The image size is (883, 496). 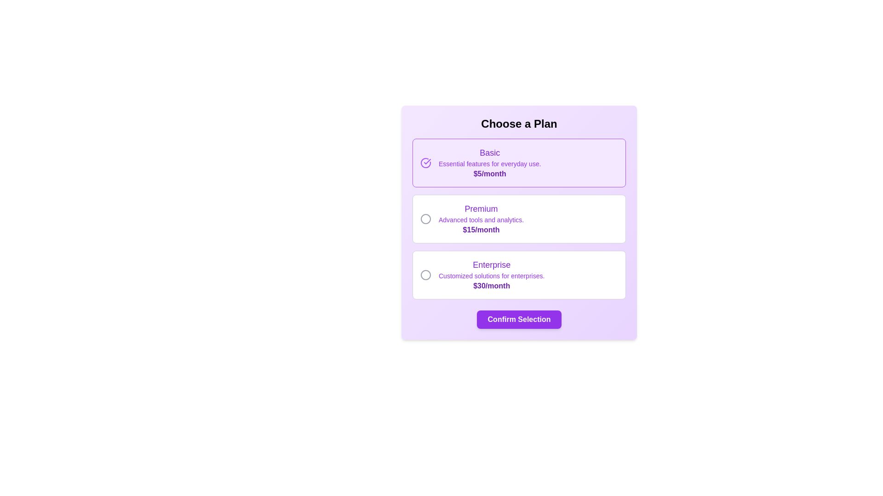 What do you see at coordinates (427, 161) in the screenshot?
I see `the Checkmark Icon, which is a purple checkmark within a circular outline, located directly to the left of the text 'Basic' in the first card of the selectable options list` at bounding box center [427, 161].